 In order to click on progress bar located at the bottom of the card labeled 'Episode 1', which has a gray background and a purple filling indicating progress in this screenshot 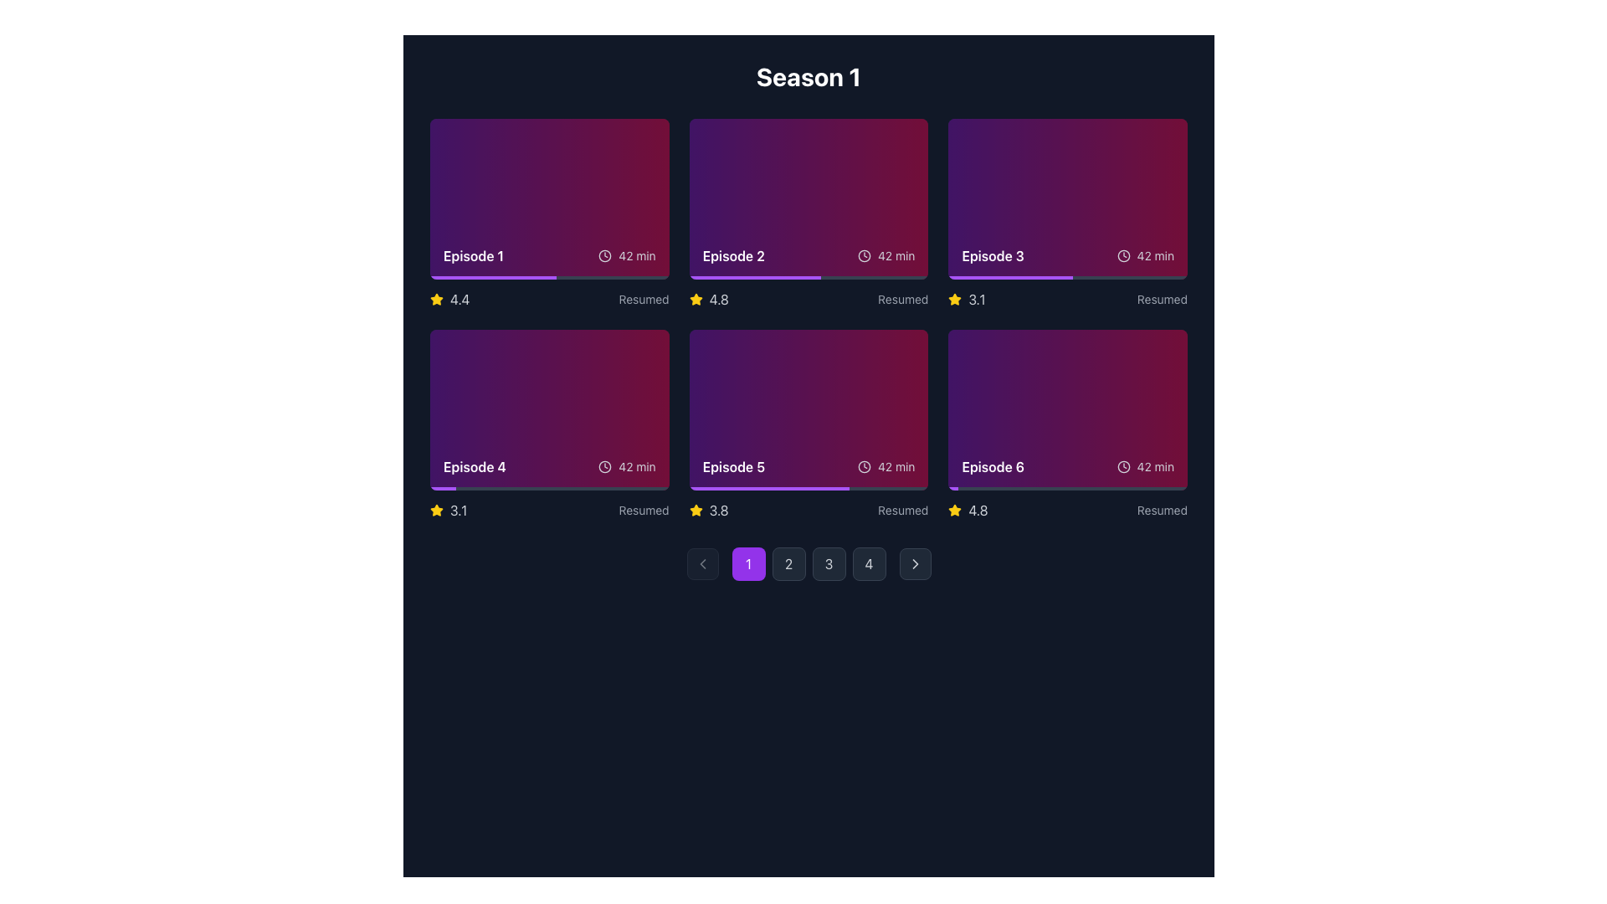, I will do `click(549, 276)`.